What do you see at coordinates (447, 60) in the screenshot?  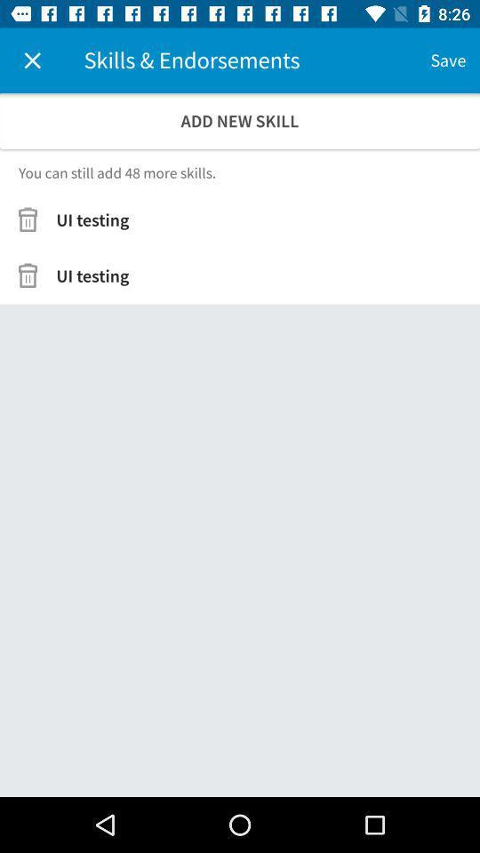 I see `the icon above add new skill icon` at bounding box center [447, 60].